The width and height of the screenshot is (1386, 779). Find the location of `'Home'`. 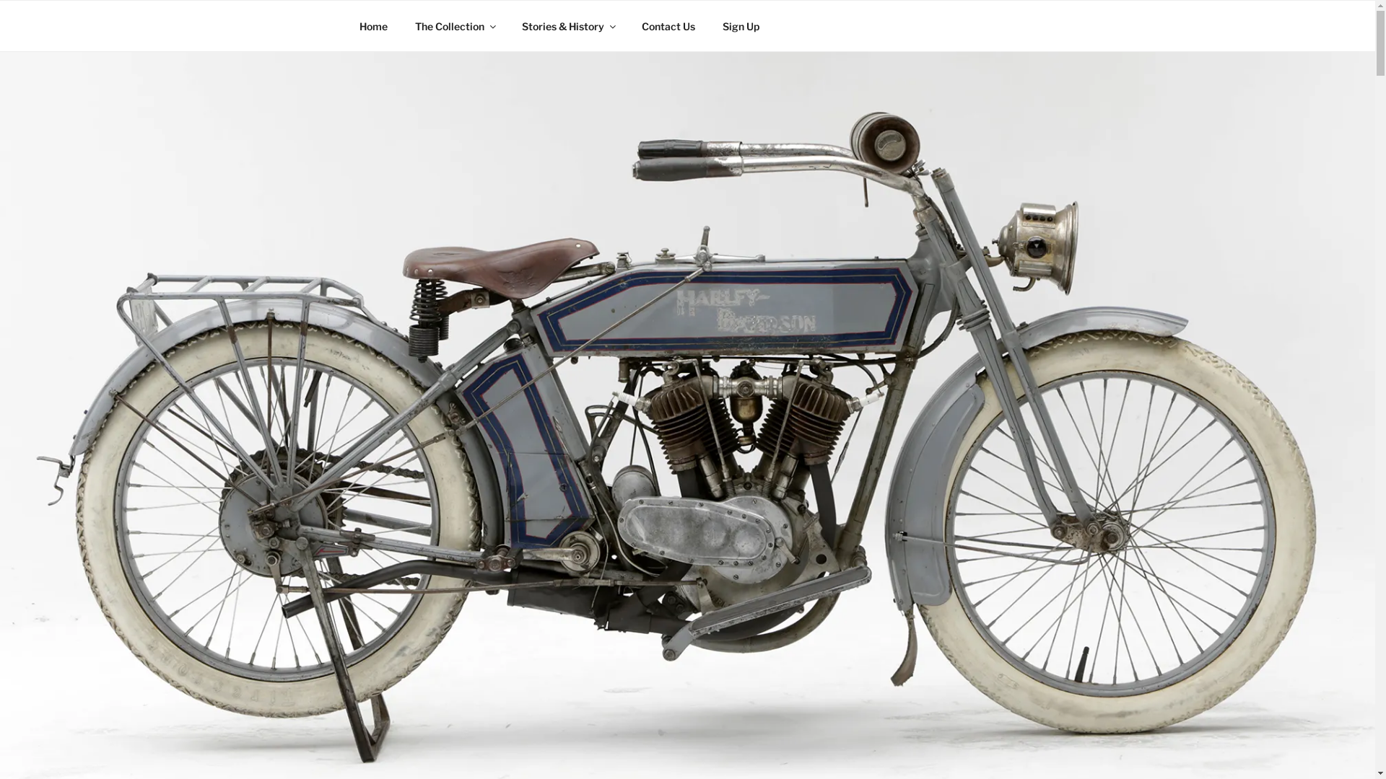

'Home' is located at coordinates (373, 26).